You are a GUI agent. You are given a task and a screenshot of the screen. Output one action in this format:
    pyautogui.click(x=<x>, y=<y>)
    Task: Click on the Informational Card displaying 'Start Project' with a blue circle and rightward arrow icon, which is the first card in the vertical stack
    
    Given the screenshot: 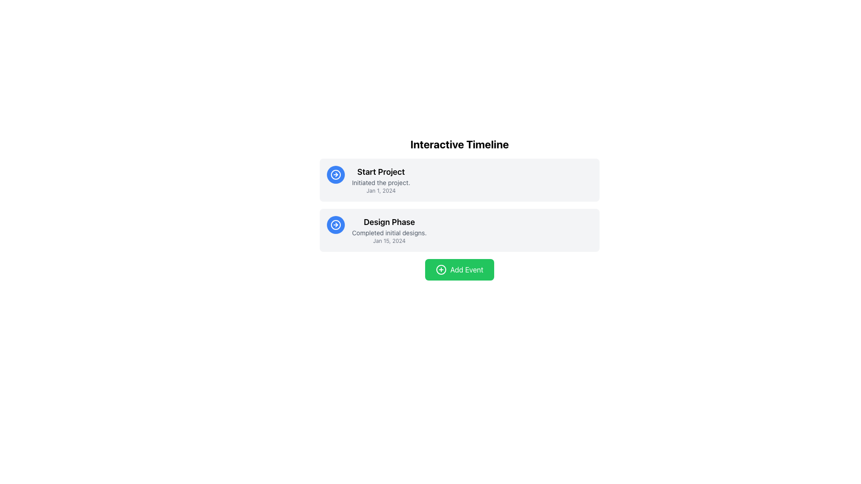 What is the action you would take?
    pyautogui.click(x=460, y=180)
    